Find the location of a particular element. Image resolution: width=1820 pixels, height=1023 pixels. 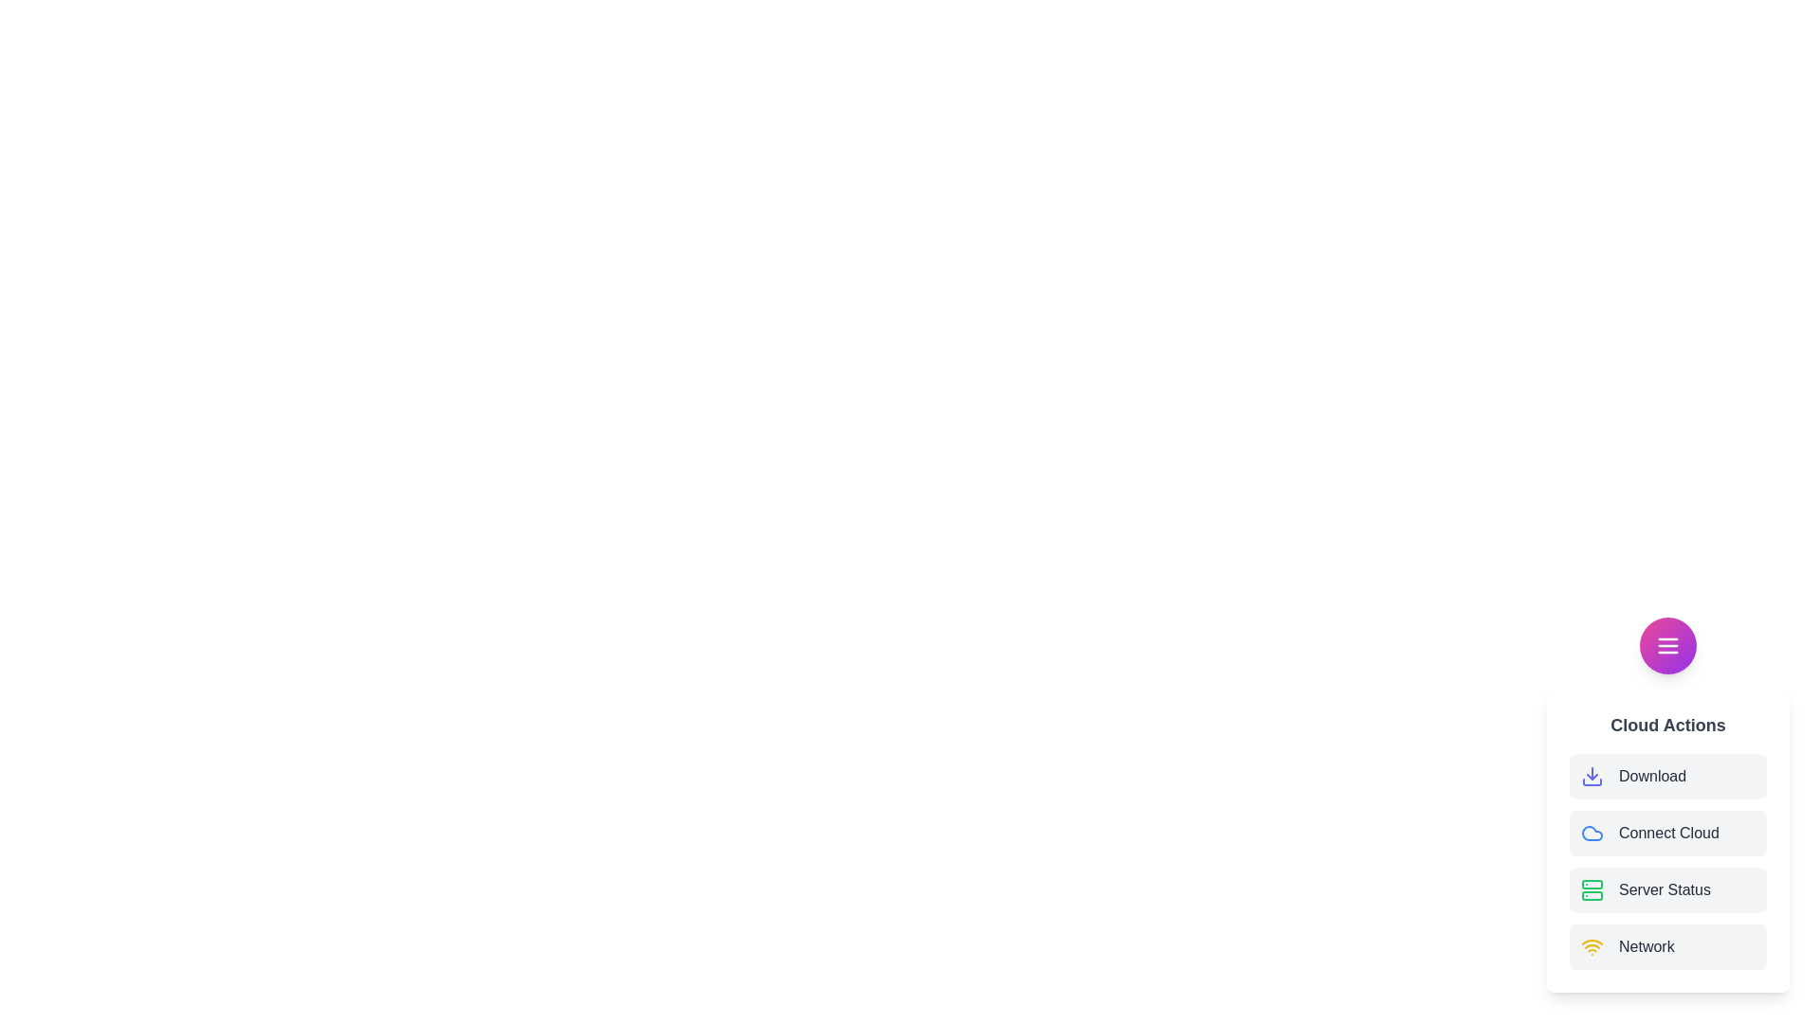

the utility action Download from the menu is located at coordinates (1668, 777).